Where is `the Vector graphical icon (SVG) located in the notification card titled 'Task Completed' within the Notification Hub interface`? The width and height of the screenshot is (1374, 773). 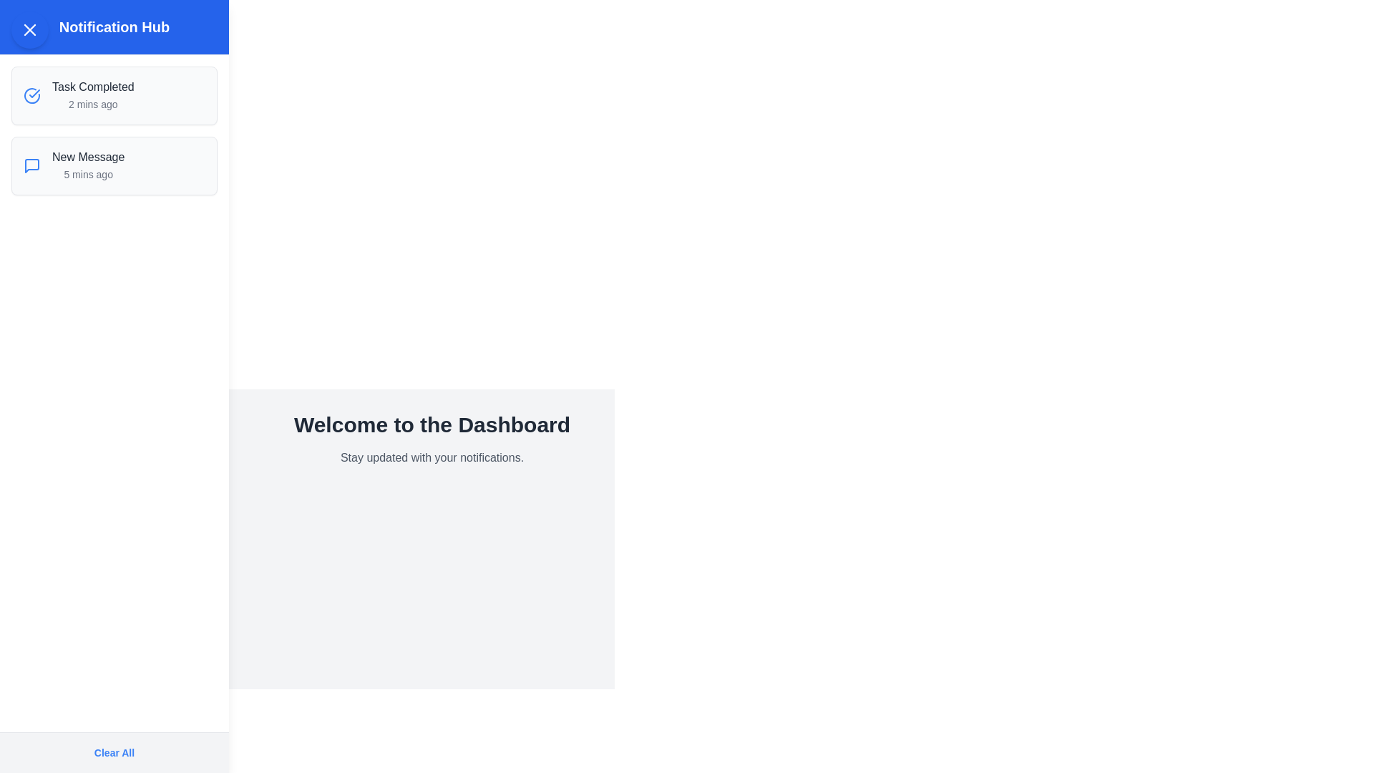
the Vector graphical icon (SVG) located in the notification card titled 'Task Completed' within the Notification Hub interface is located at coordinates (34, 94).